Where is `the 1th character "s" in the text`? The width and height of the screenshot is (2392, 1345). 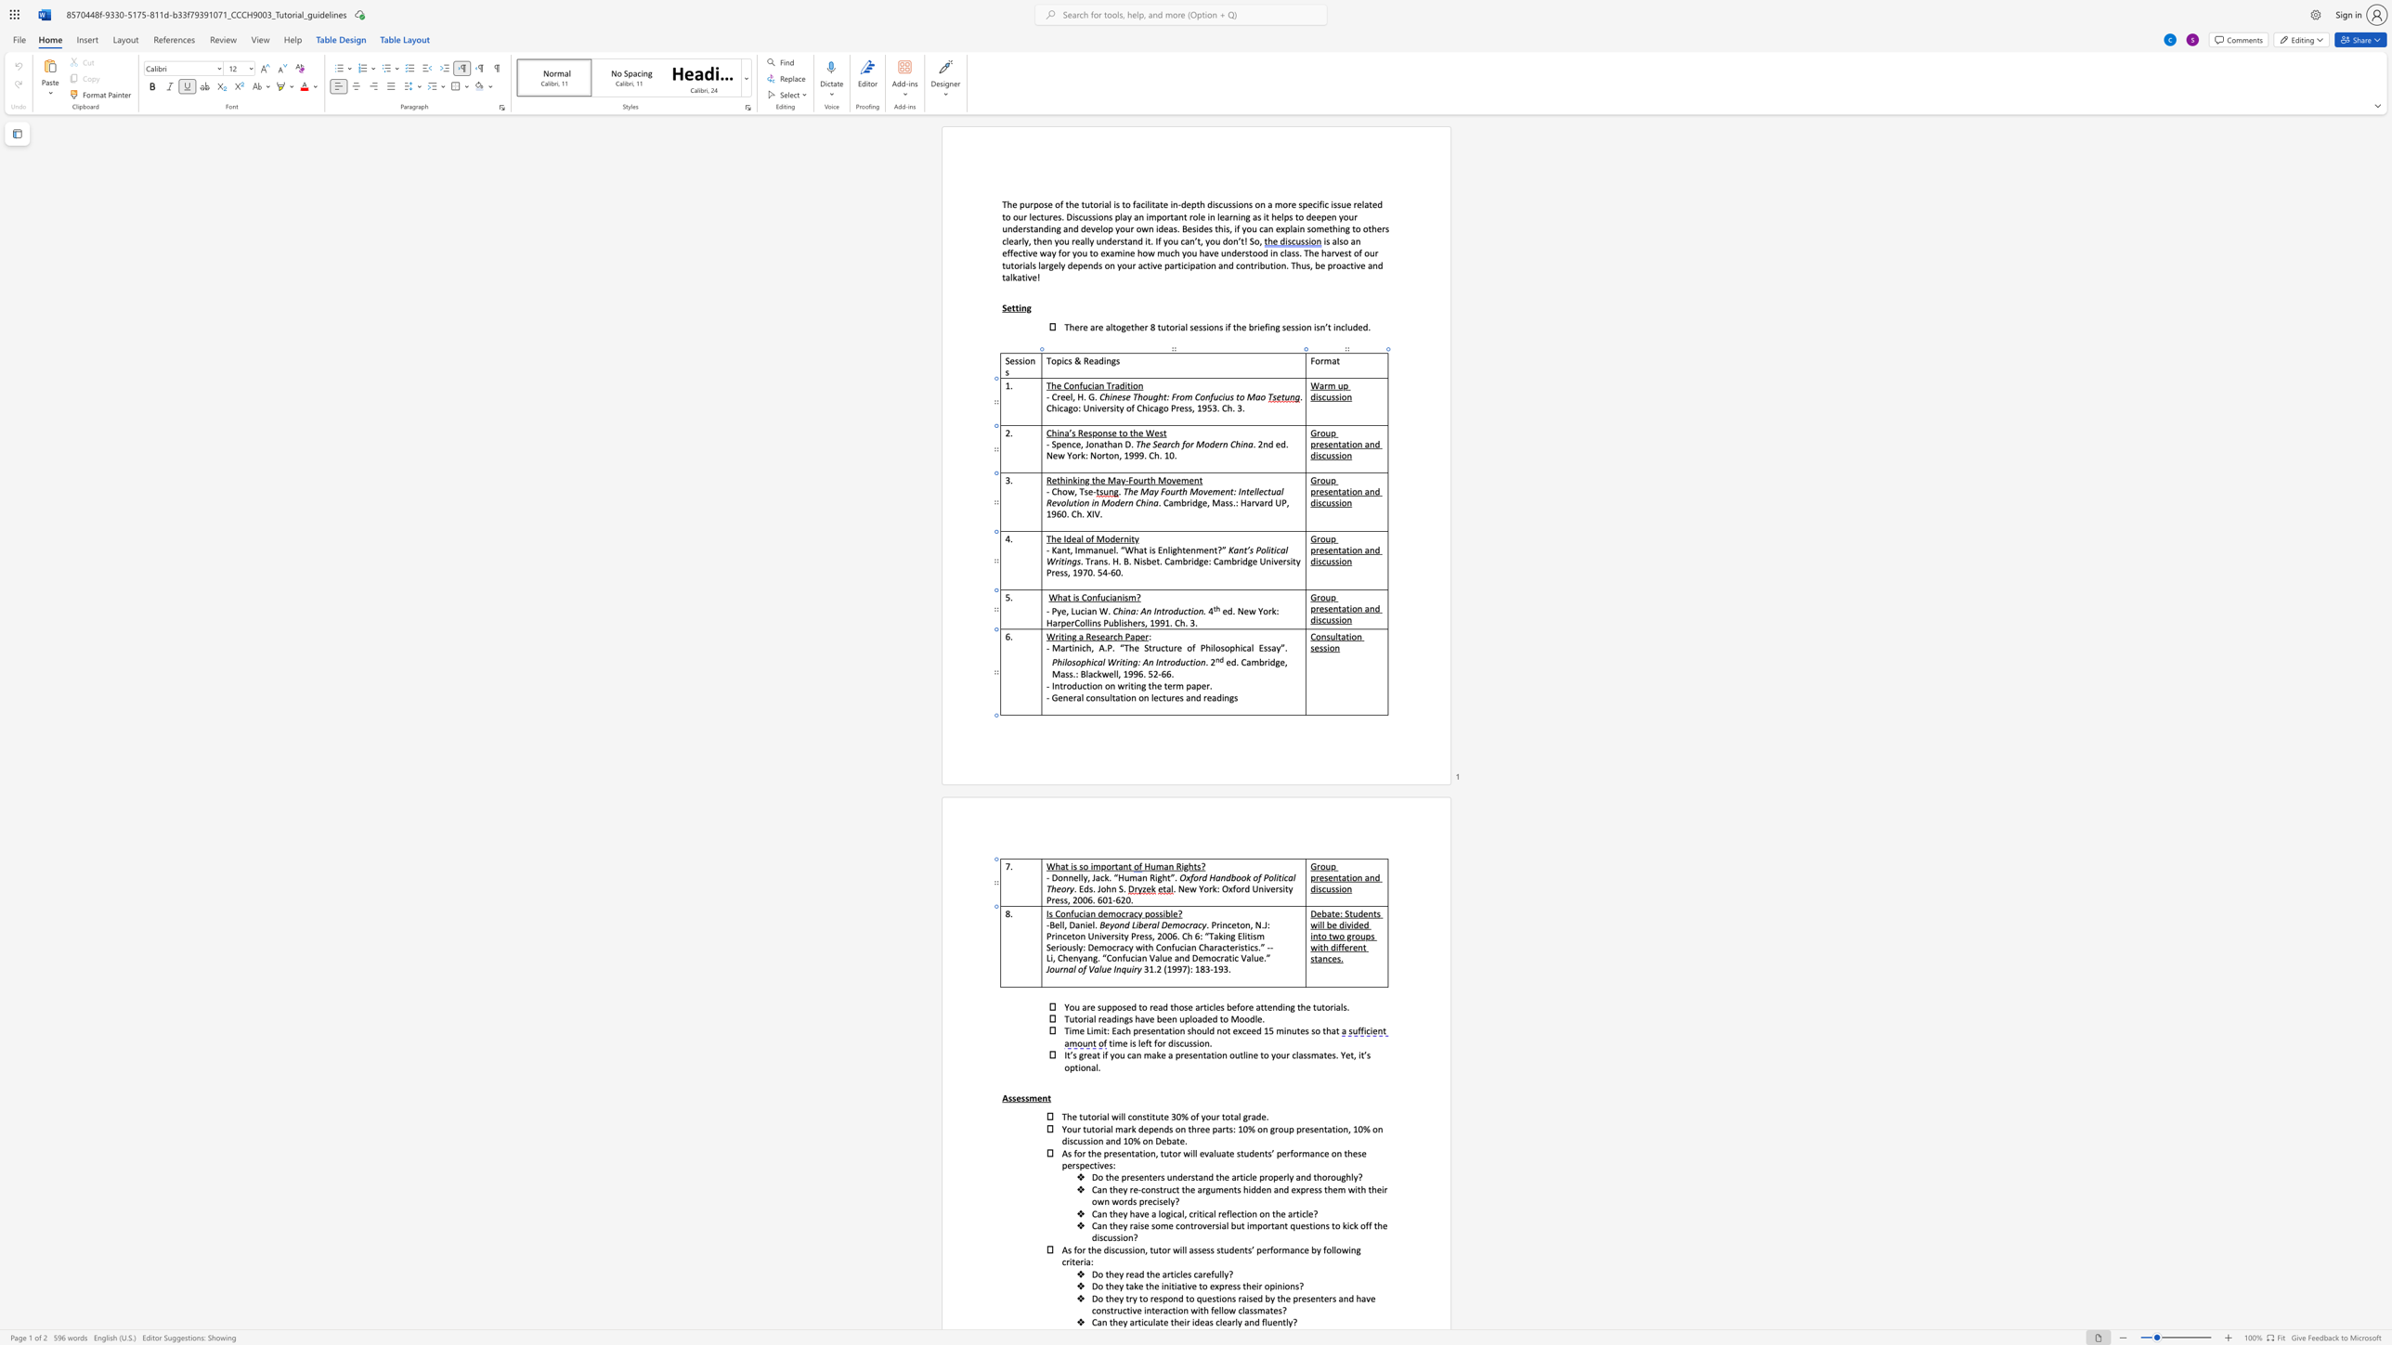
the 1th character "s" in the text is located at coordinates (1089, 887).